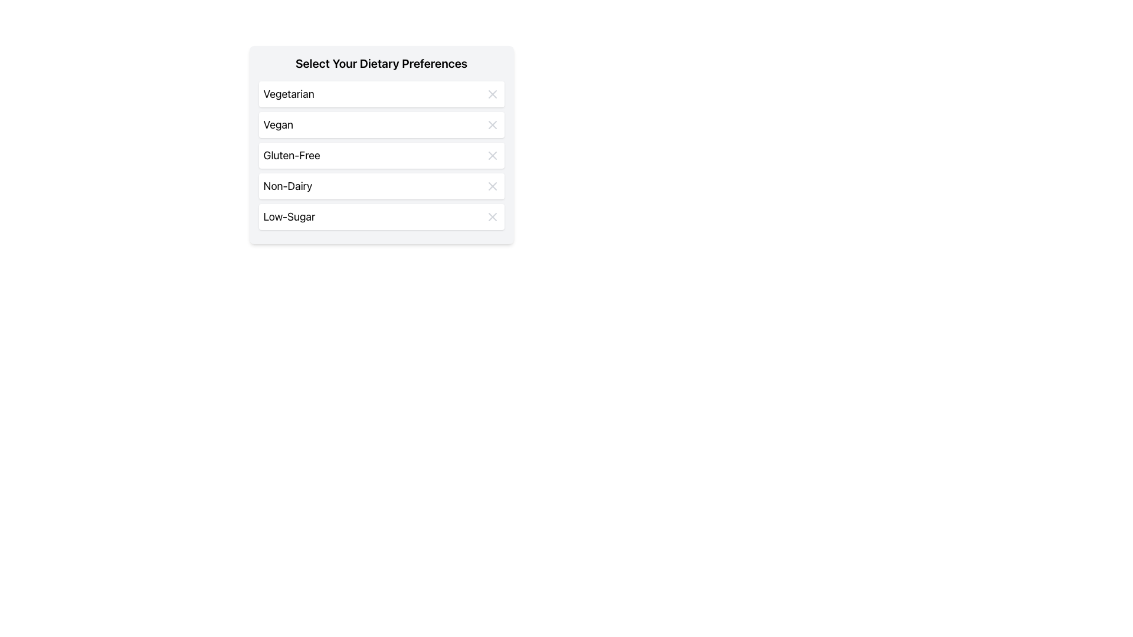 The image size is (1133, 637). What do you see at coordinates (492, 155) in the screenshot?
I see `the small gray '×' icon button located to the right of the 'Gluten-Free' list item` at bounding box center [492, 155].